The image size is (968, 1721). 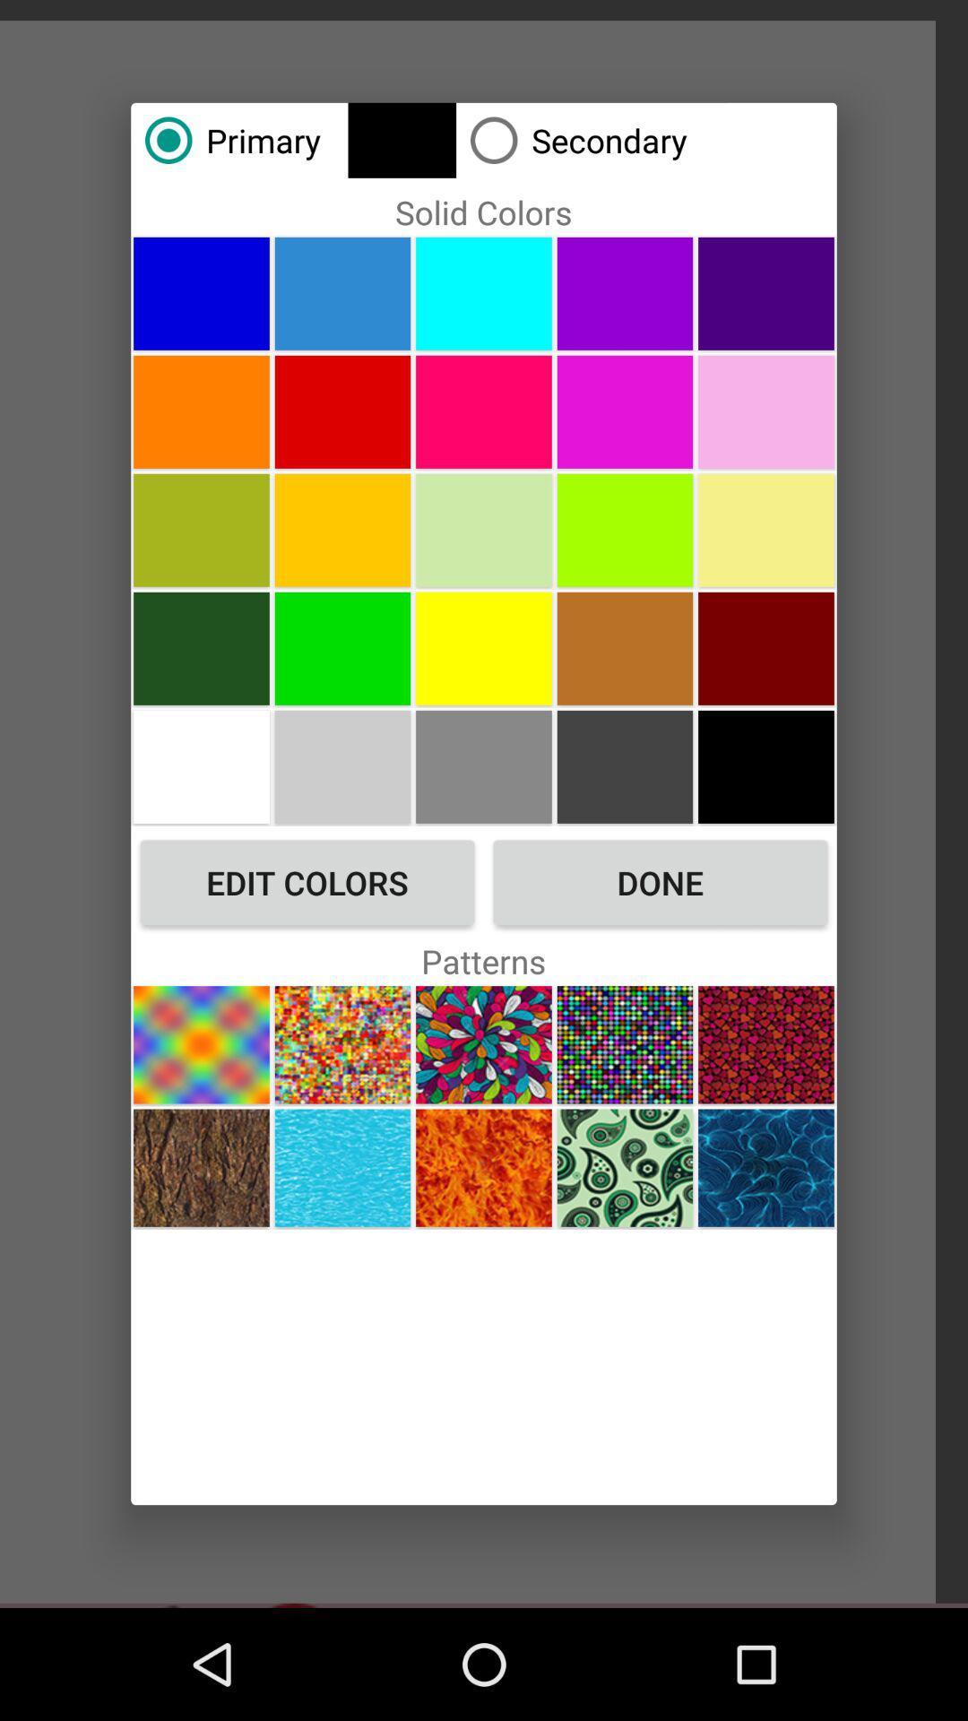 I want to click on color orange, so click(x=201, y=411).